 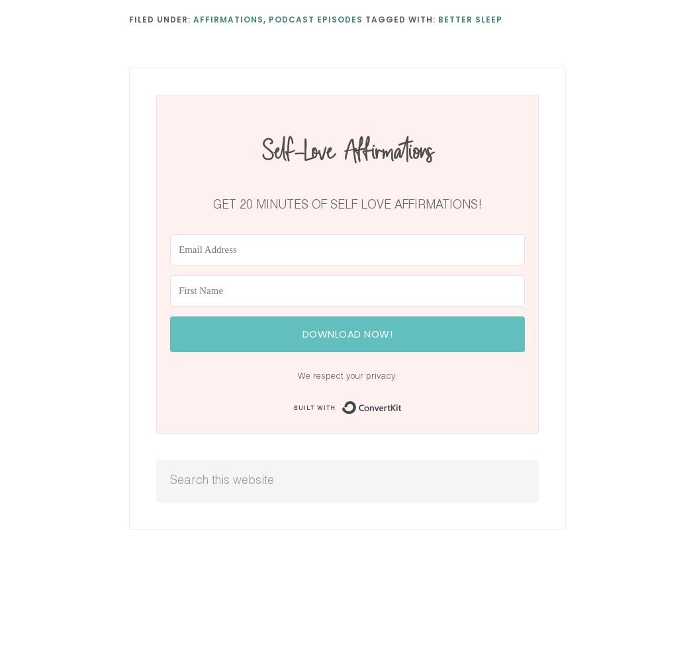 What do you see at coordinates (316, 19) in the screenshot?
I see `'Podcast Episodes'` at bounding box center [316, 19].